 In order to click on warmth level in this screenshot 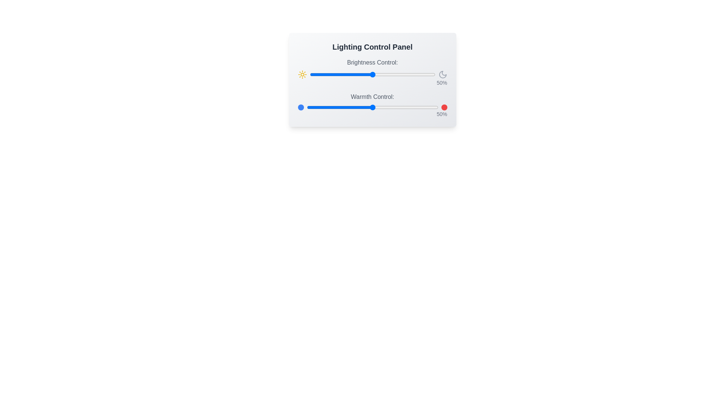, I will do `click(321, 107)`.